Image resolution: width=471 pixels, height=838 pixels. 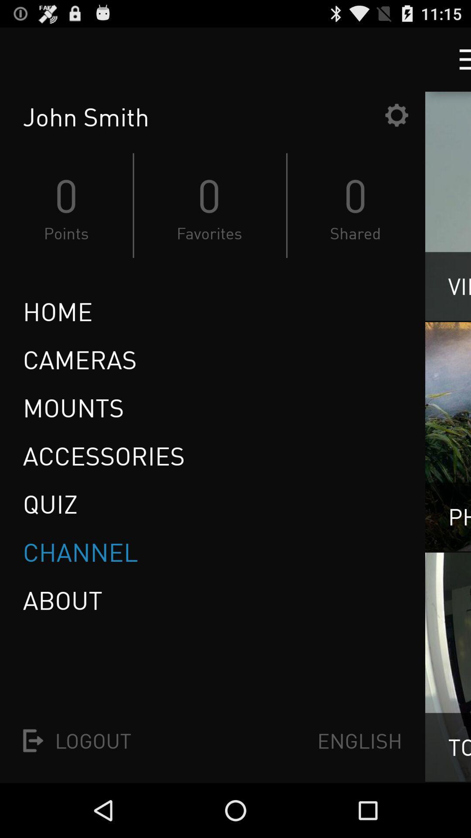 I want to click on settings button, so click(x=396, y=114).